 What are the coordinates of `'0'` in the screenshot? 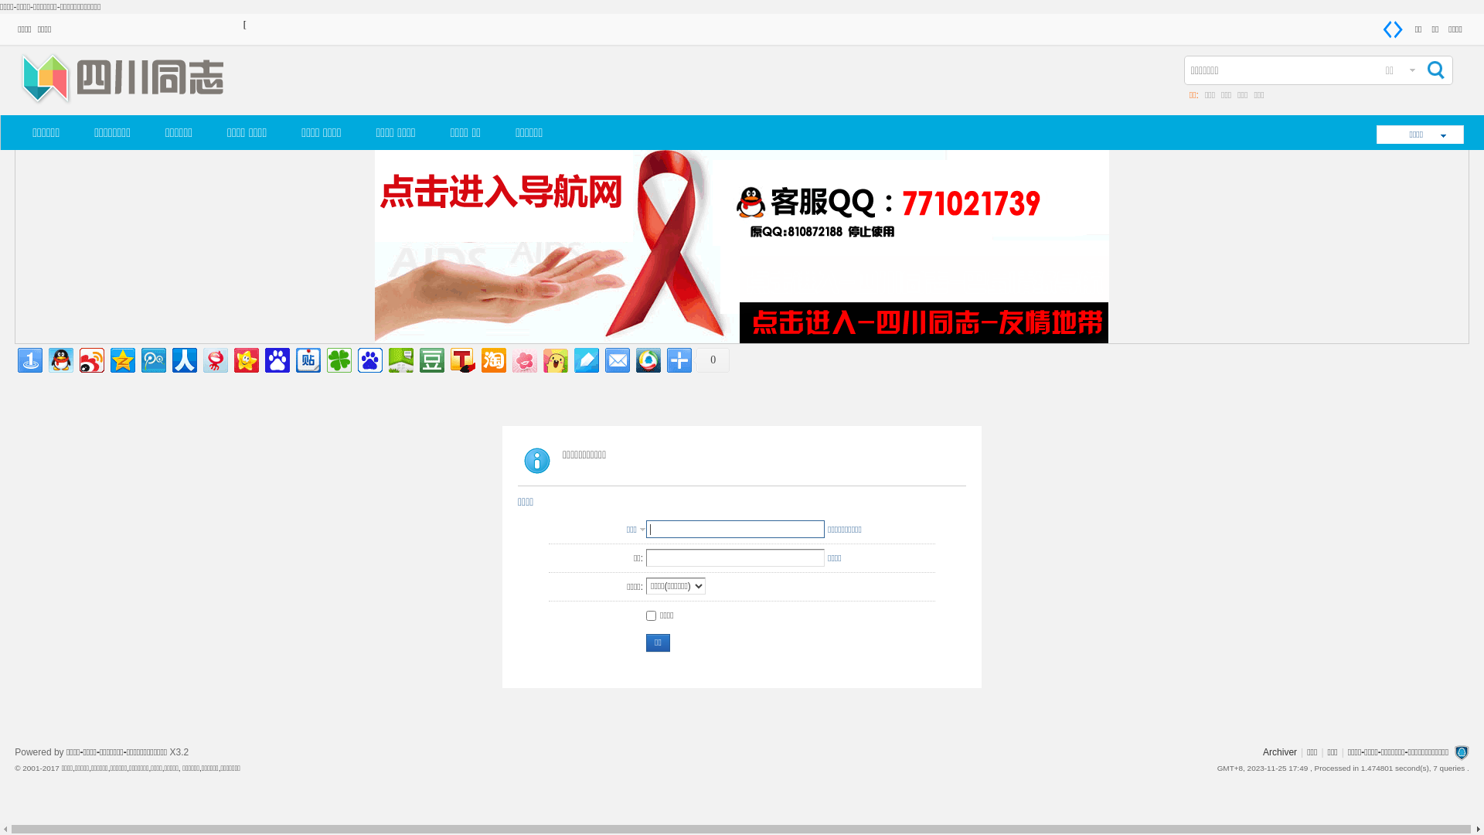 It's located at (710, 360).